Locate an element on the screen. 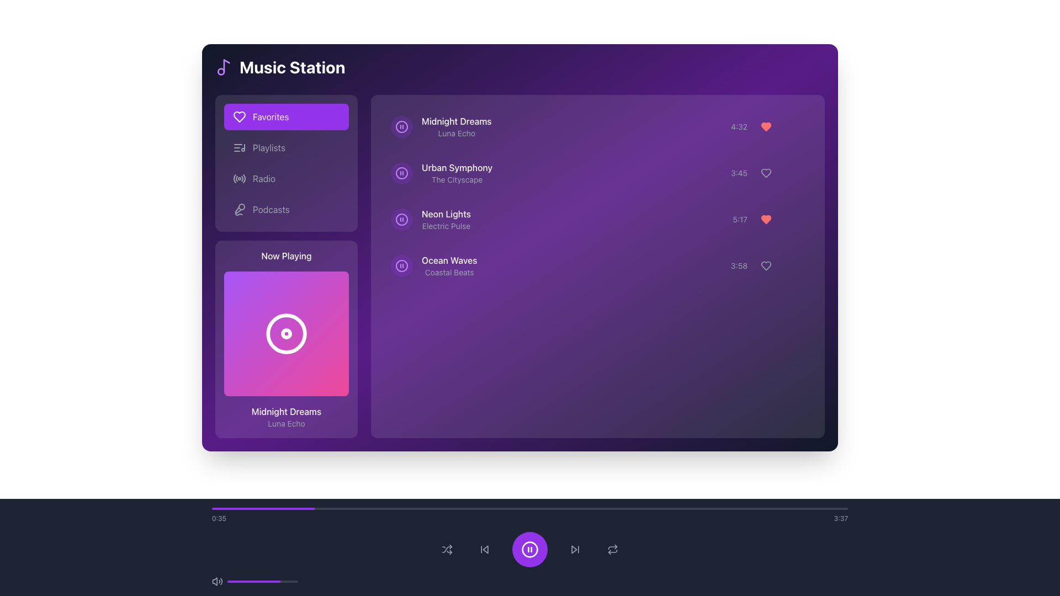  the 'skip-forward' icon button located in the control bar at the bottom of the interface is located at coordinates (574, 549).